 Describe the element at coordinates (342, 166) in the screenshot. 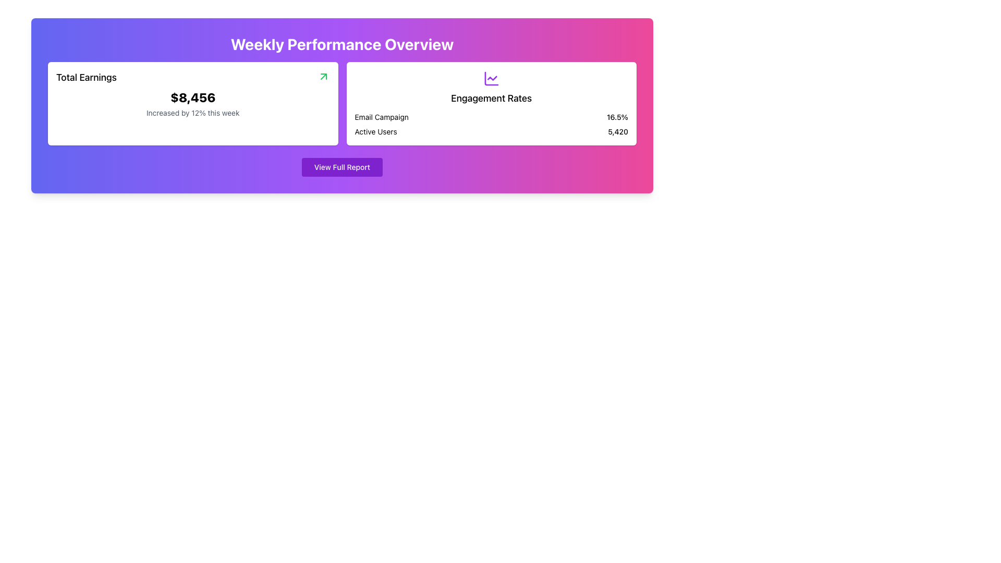

I see `the 'View Full Report' button, a purple rectangular button with rounded corners and white text, for keyboard interaction` at that location.